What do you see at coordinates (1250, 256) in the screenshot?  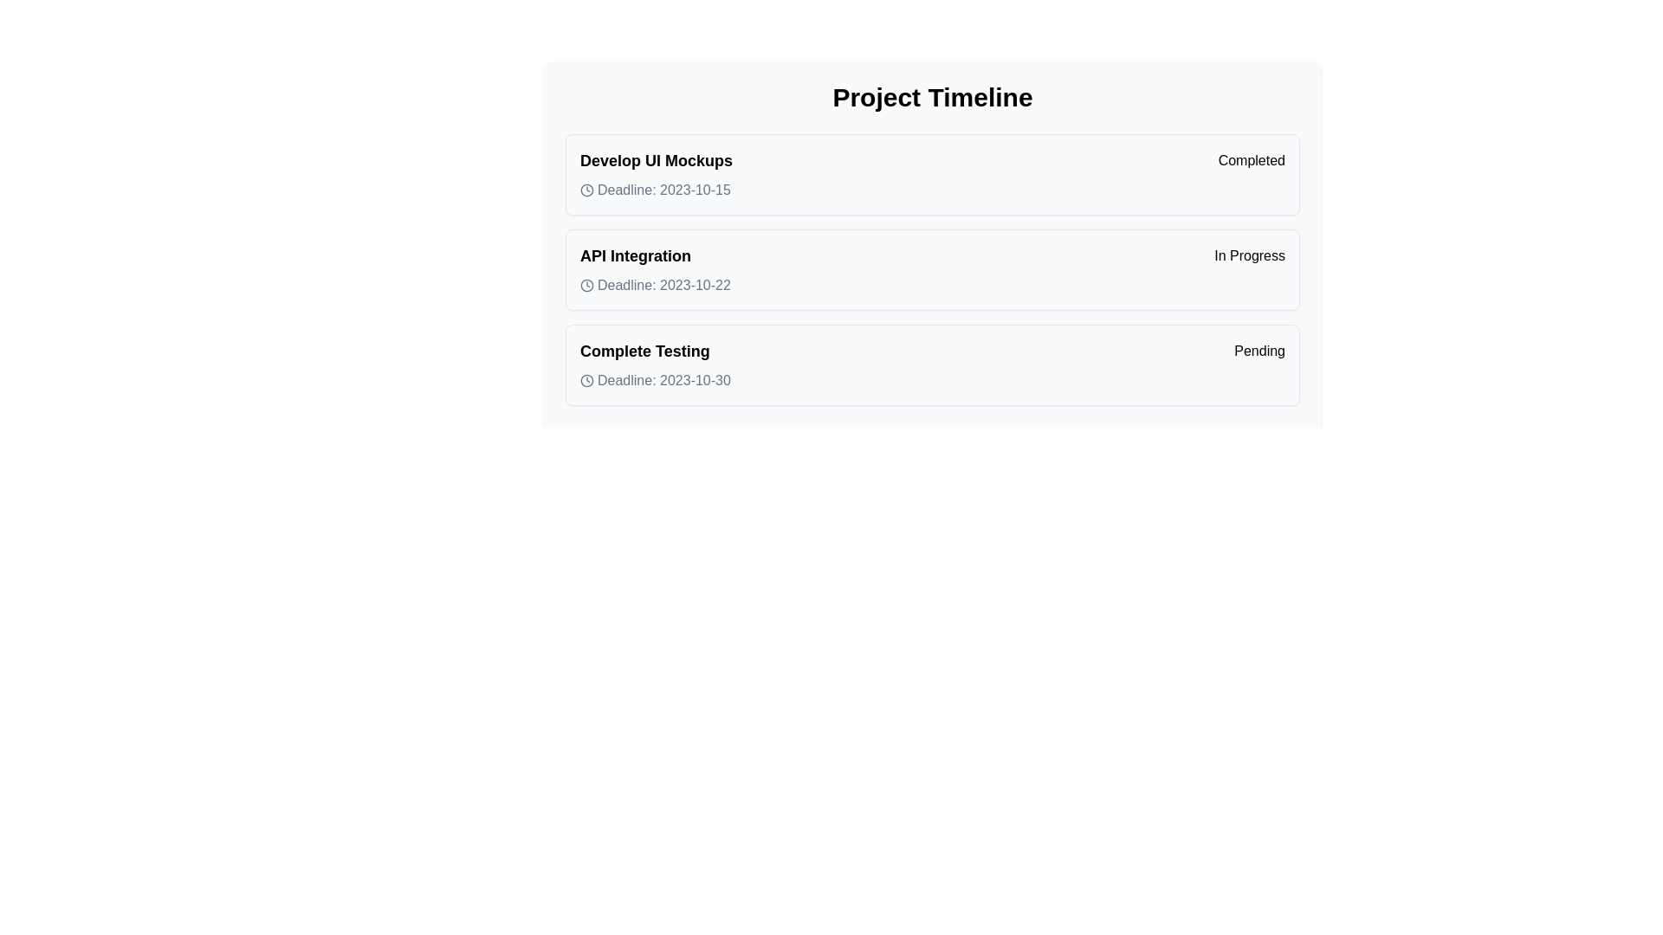 I see `the Status badge displaying 'In Progress' on the right side of the 'API Integration' row` at bounding box center [1250, 256].